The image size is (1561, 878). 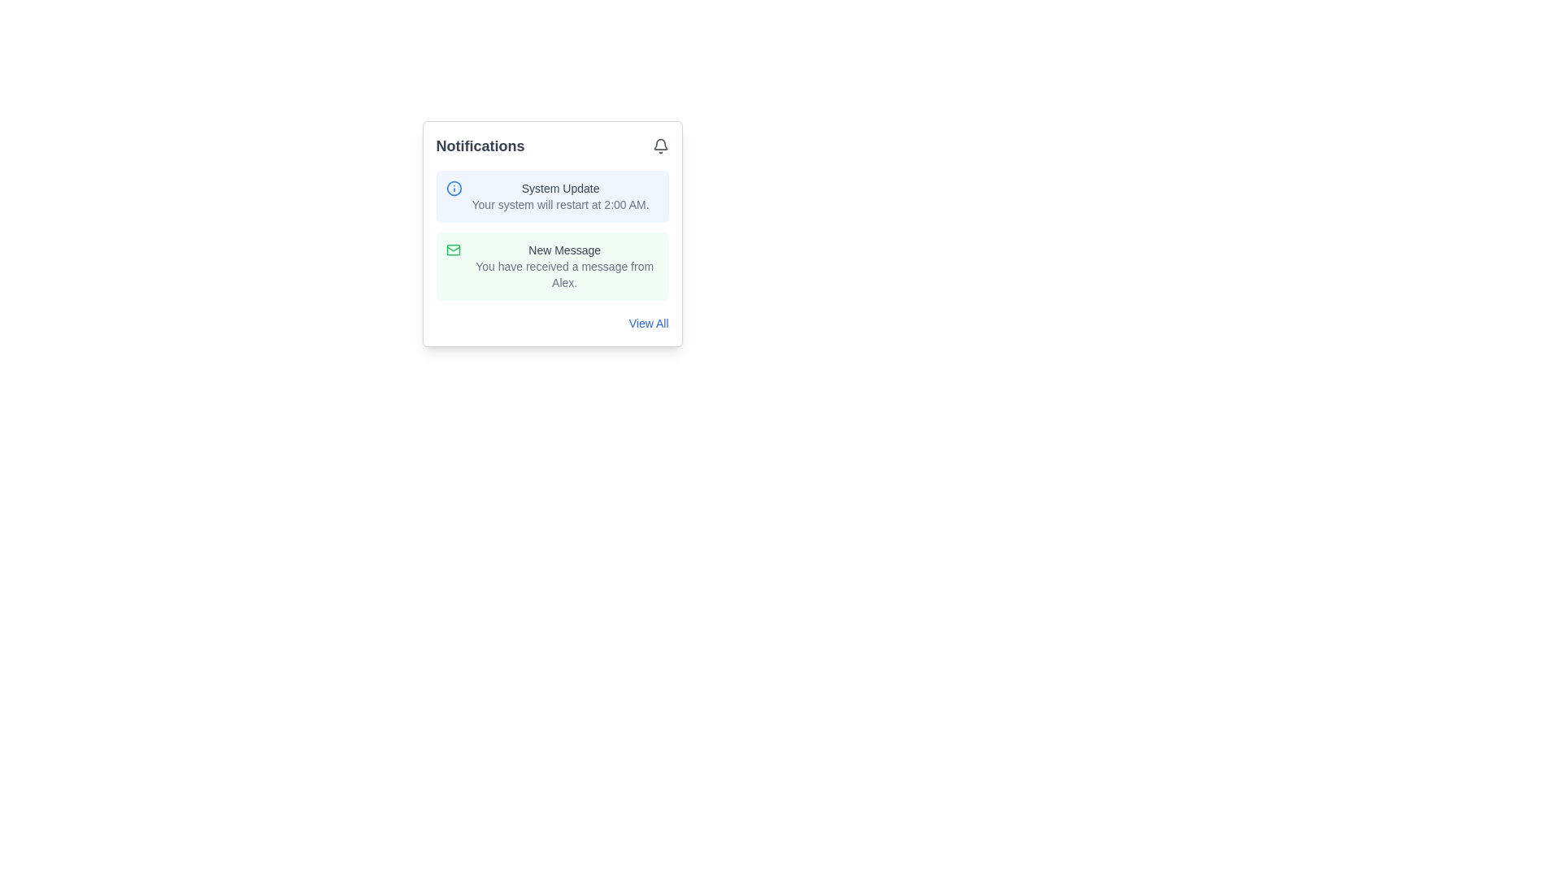 I want to click on the text label indicating the title of the notification, which is located in the second notification section under the 'Notifications' card, above the message from Alex, so click(x=564, y=250).